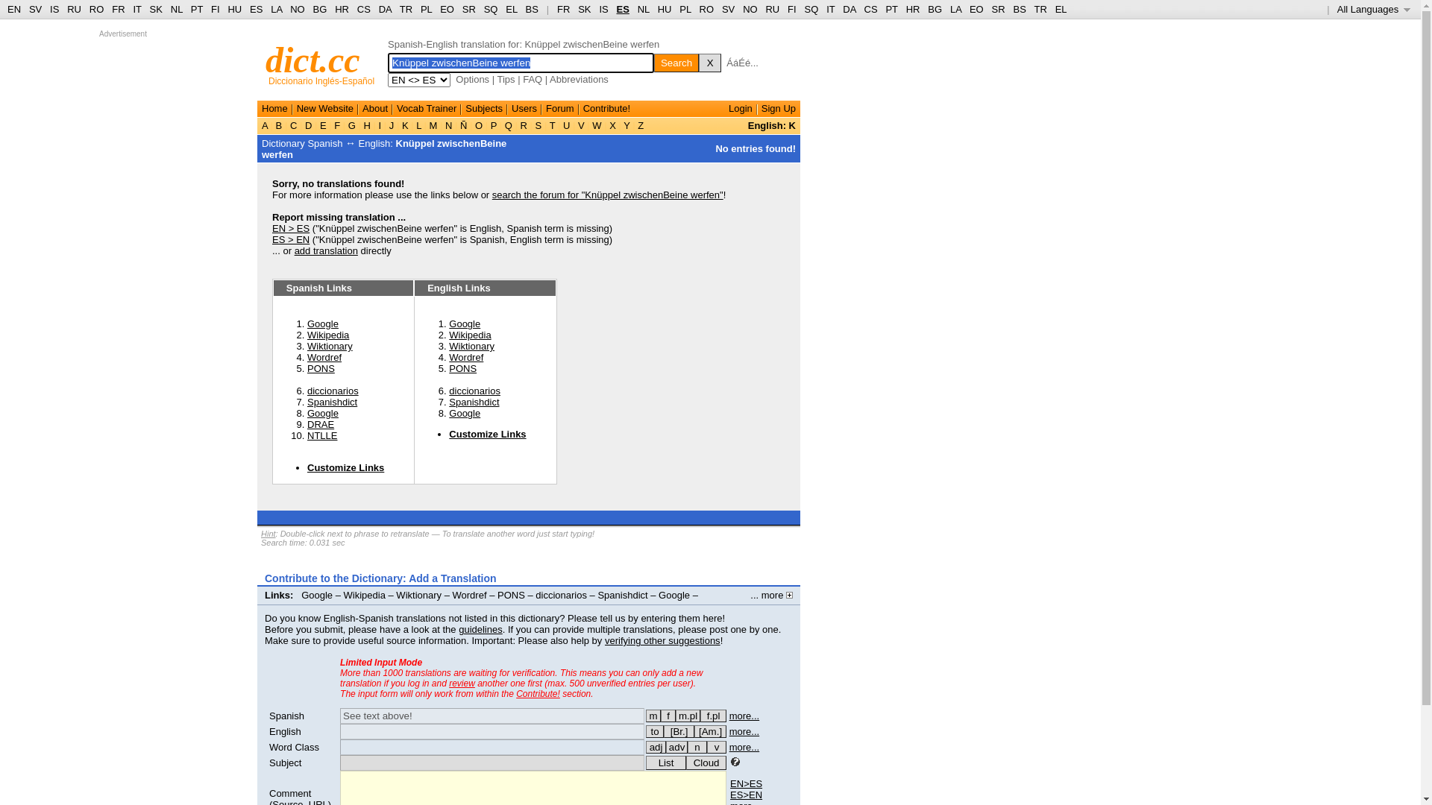 The height and width of the screenshot is (805, 1432). I want to click on 'E', so click(316, 124).